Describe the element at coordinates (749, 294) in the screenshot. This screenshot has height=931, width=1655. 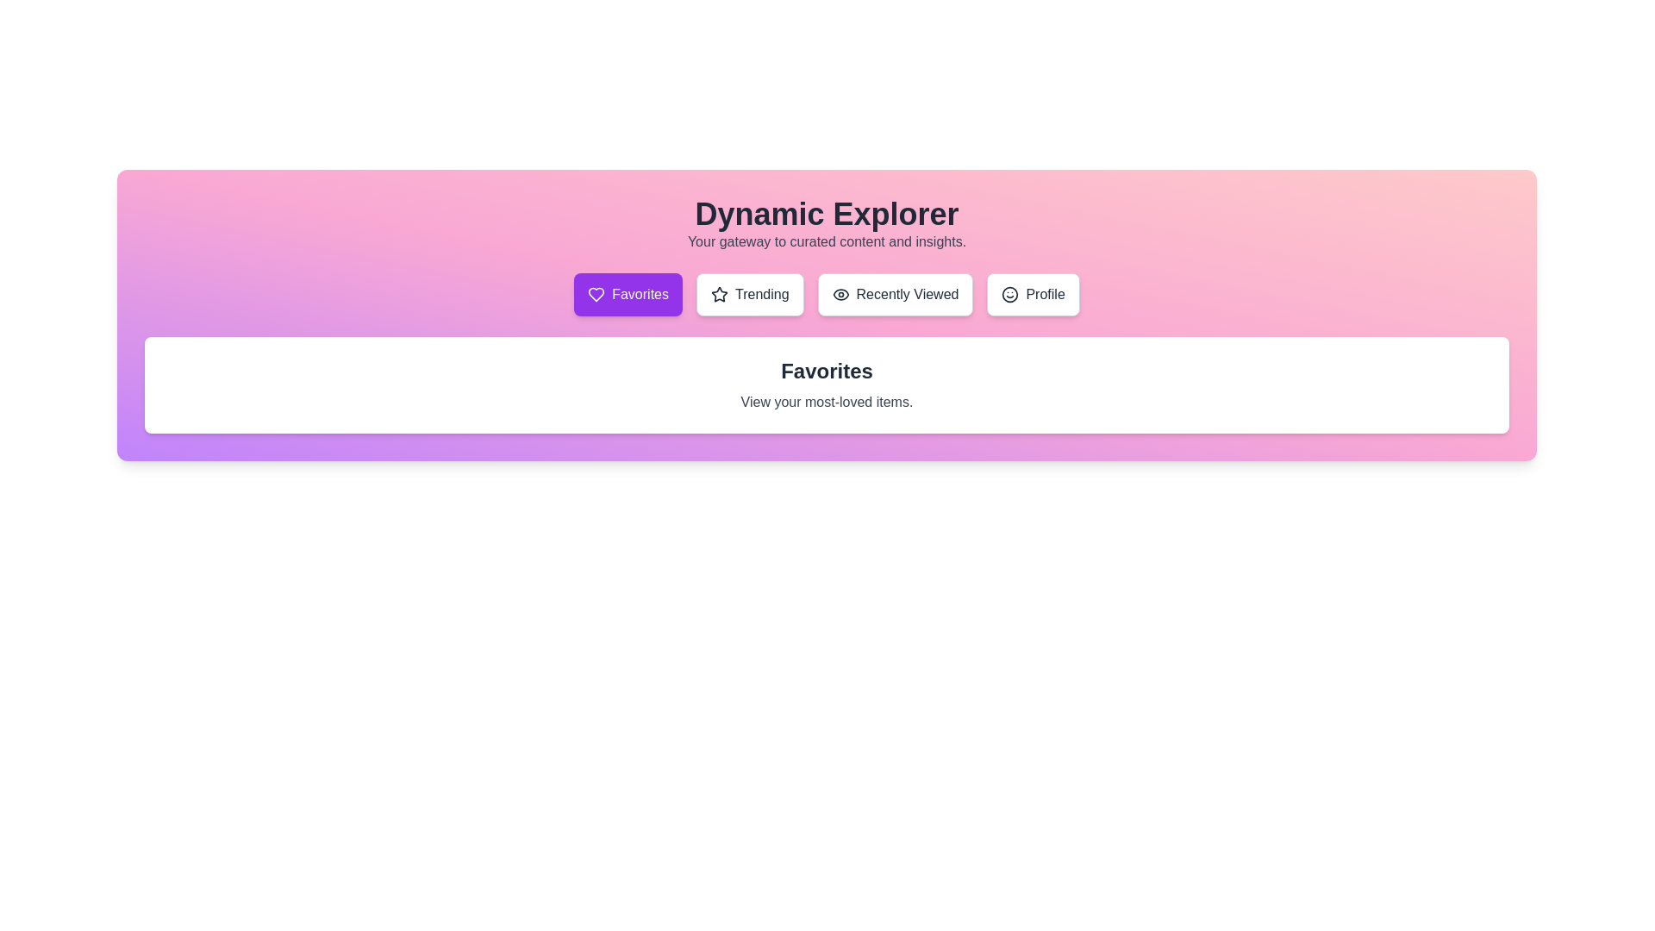
I see `the tab labeled Trending` at that location.